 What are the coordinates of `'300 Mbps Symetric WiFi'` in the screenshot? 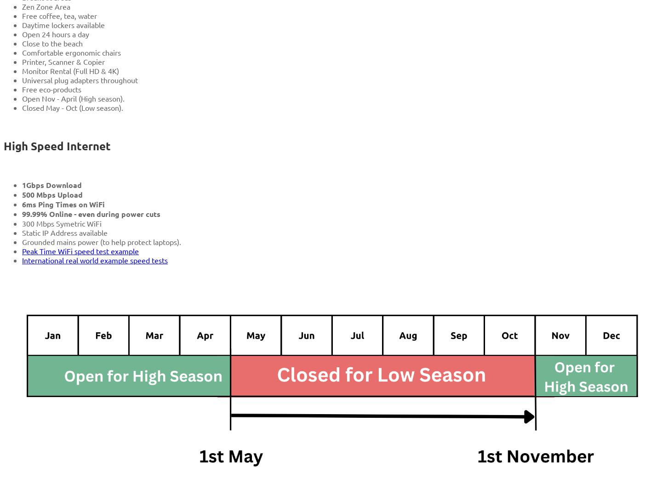 It's located at (61, 223).